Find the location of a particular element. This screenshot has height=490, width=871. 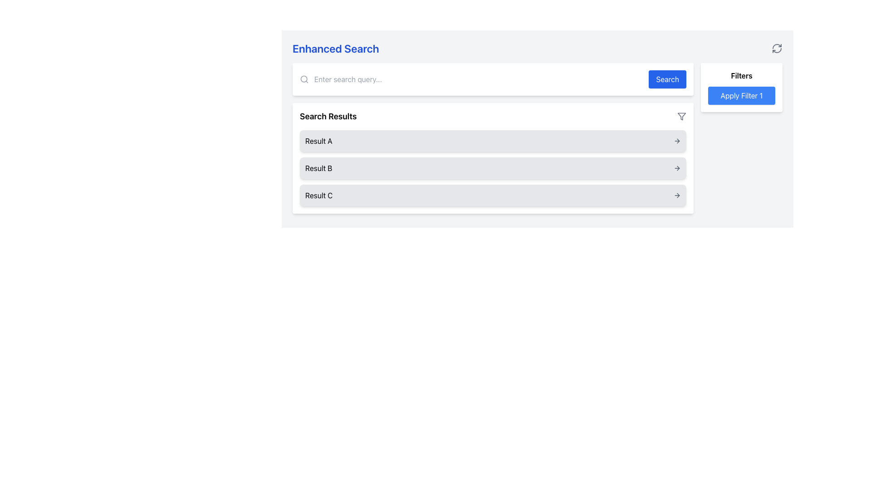

the right arrow icon element, which is a minimalistic SVG graphical component positioned within a button on the rightmost area of a list item is located at coordinates (678, 168).